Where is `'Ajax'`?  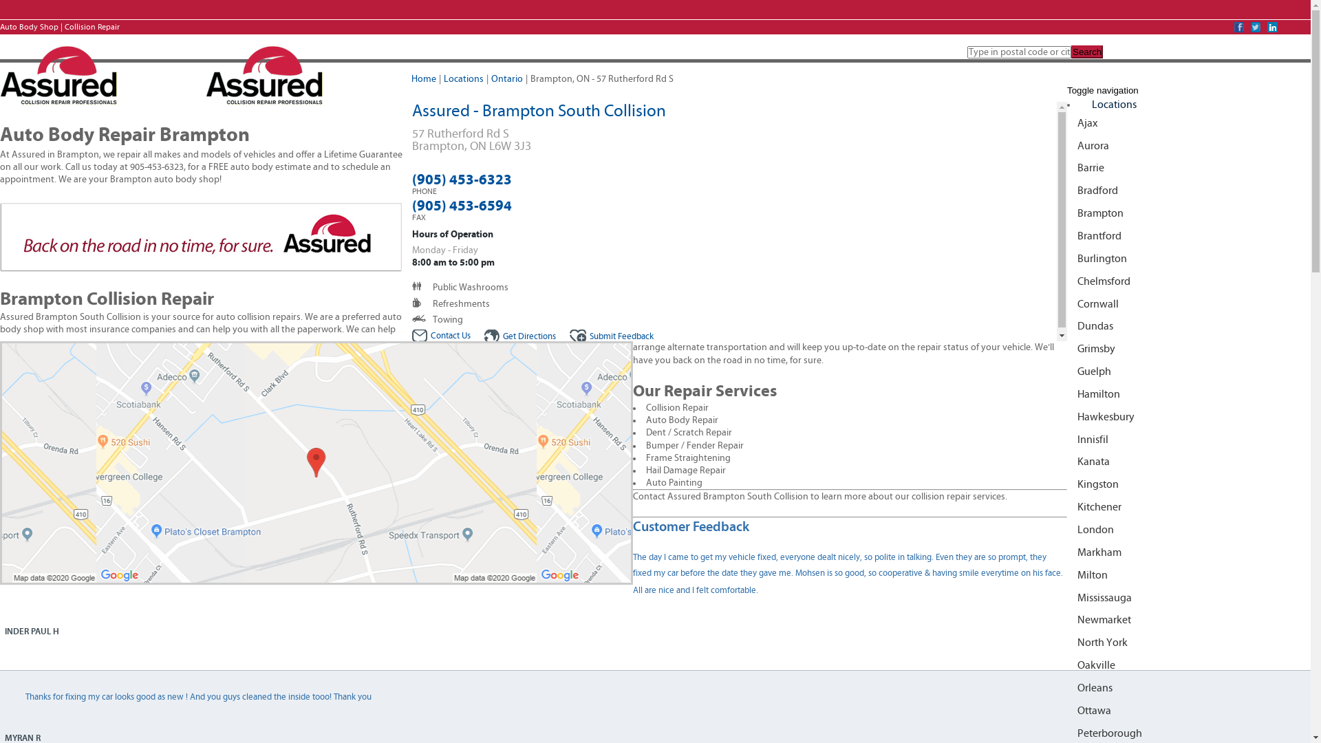 'Ajax' is located at coordinates (1066, 122).